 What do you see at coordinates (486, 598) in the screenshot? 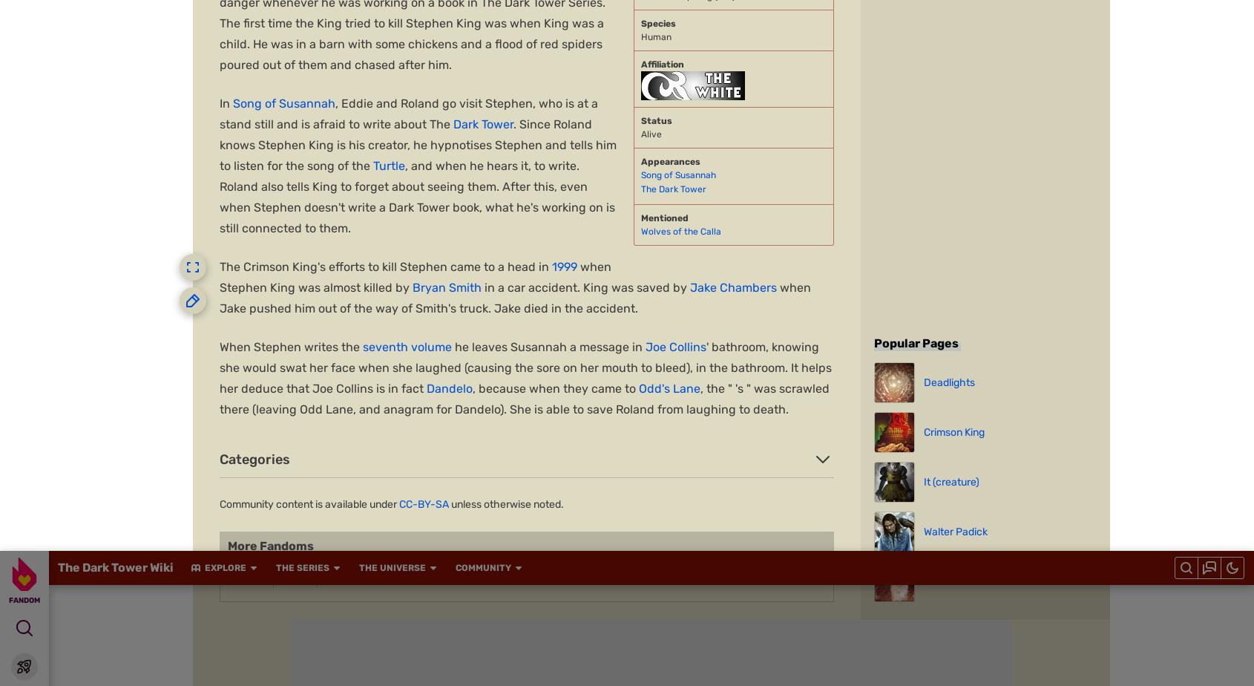
I see `'Press'` at bounding box center [486, 598].